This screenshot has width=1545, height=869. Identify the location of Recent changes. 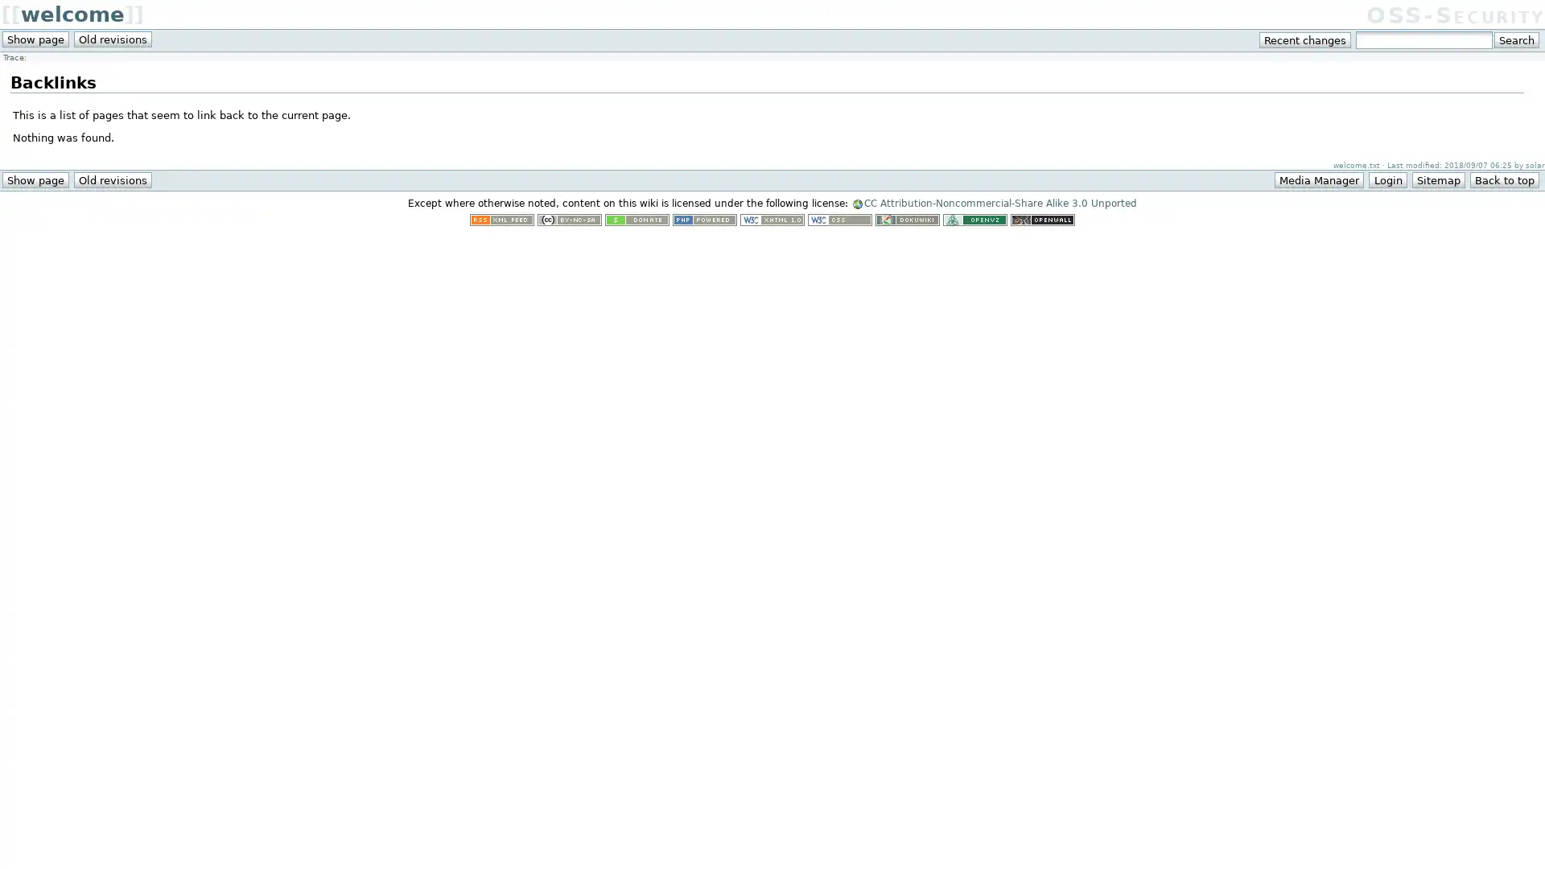
(1305, 39).